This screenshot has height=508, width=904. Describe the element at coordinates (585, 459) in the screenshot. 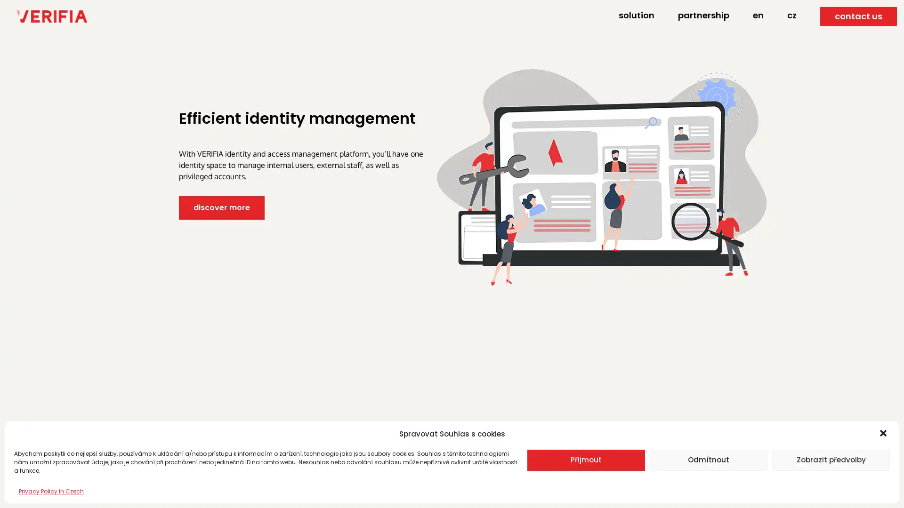

I see `Prijmout` at that location.